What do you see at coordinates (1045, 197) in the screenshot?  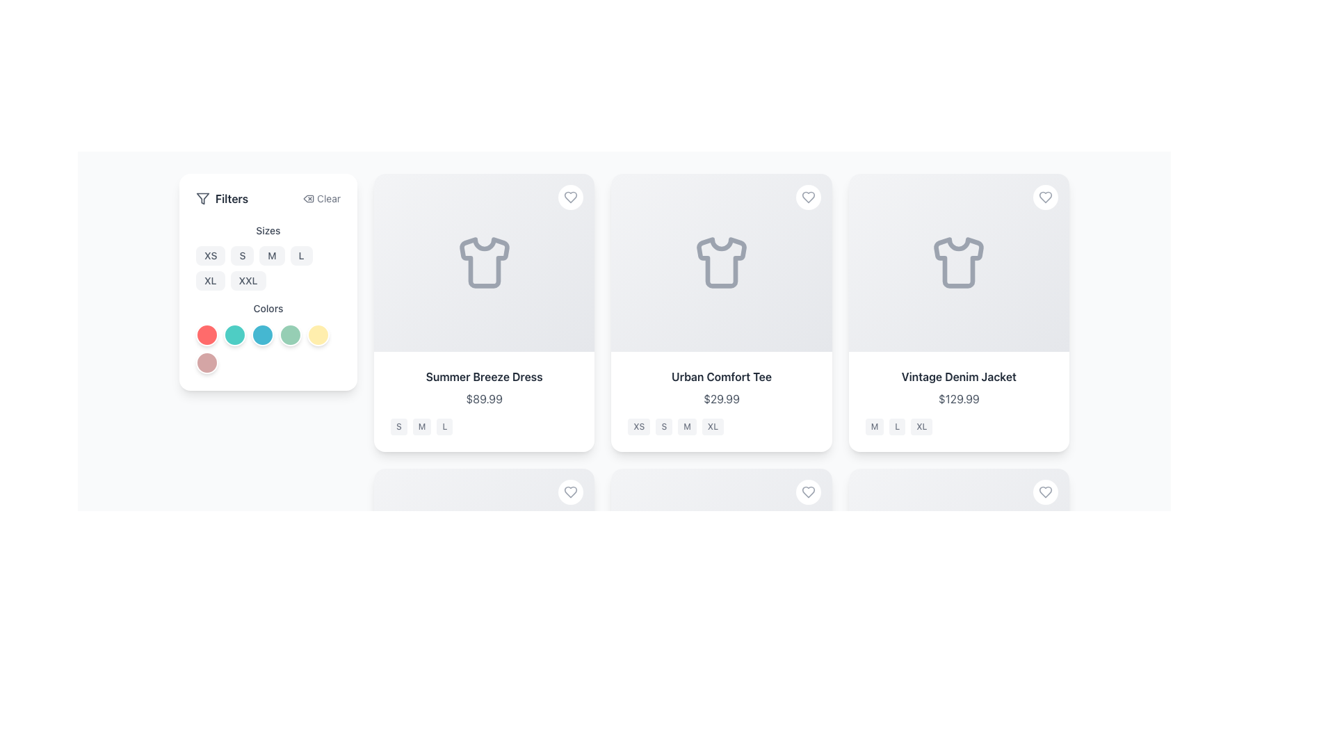 I see `the graphical heart icon with a hollow interior located in the top-right corner of the 'Vintage Denim Jacket' product card` at bounding box center [1045, 197].